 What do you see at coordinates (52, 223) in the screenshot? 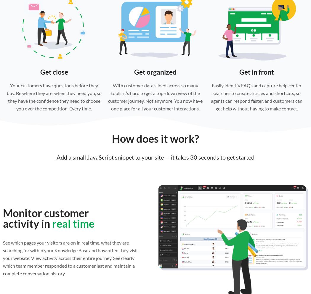
I see `'real time'` at bounding box center [52, 223].